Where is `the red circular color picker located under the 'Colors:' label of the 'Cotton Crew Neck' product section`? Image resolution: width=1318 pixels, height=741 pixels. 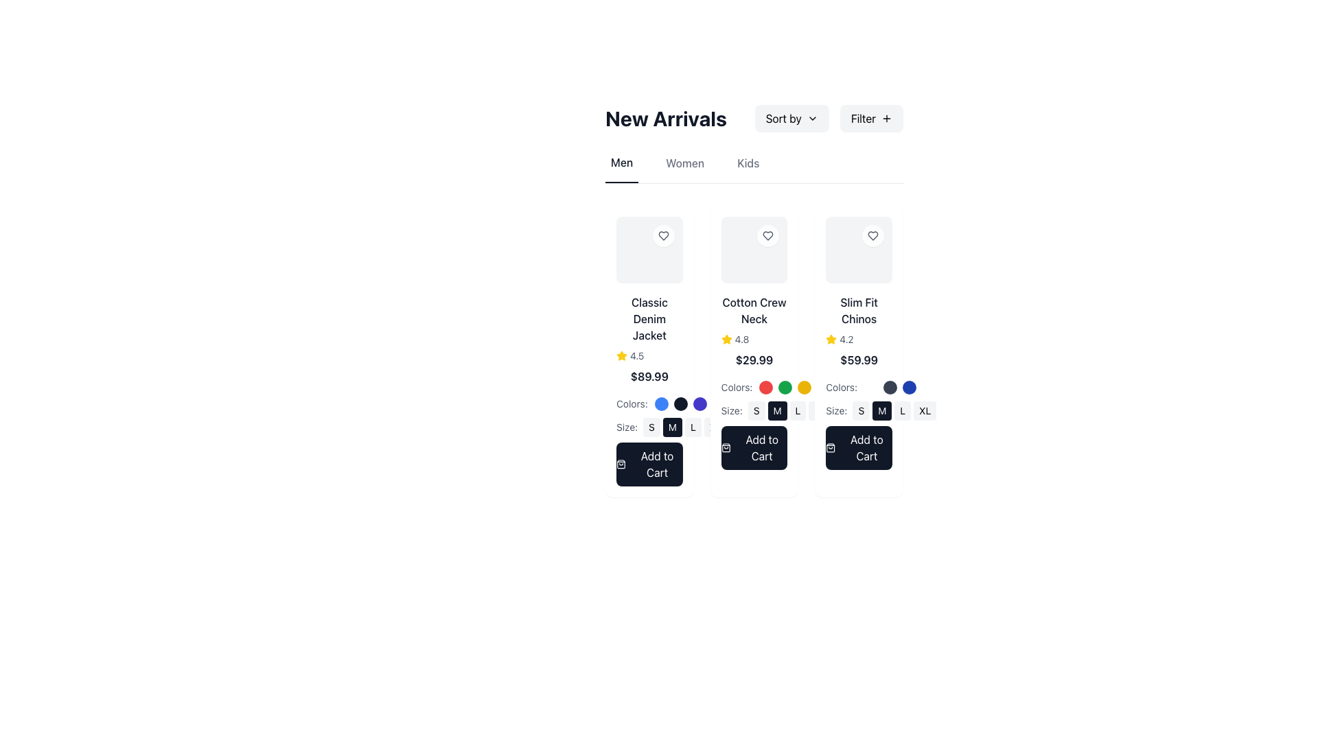
the red circular color picker located under the 'Colors:' label of the 'Cotton Crew Neck' product section is located at coordinates (765, 387).